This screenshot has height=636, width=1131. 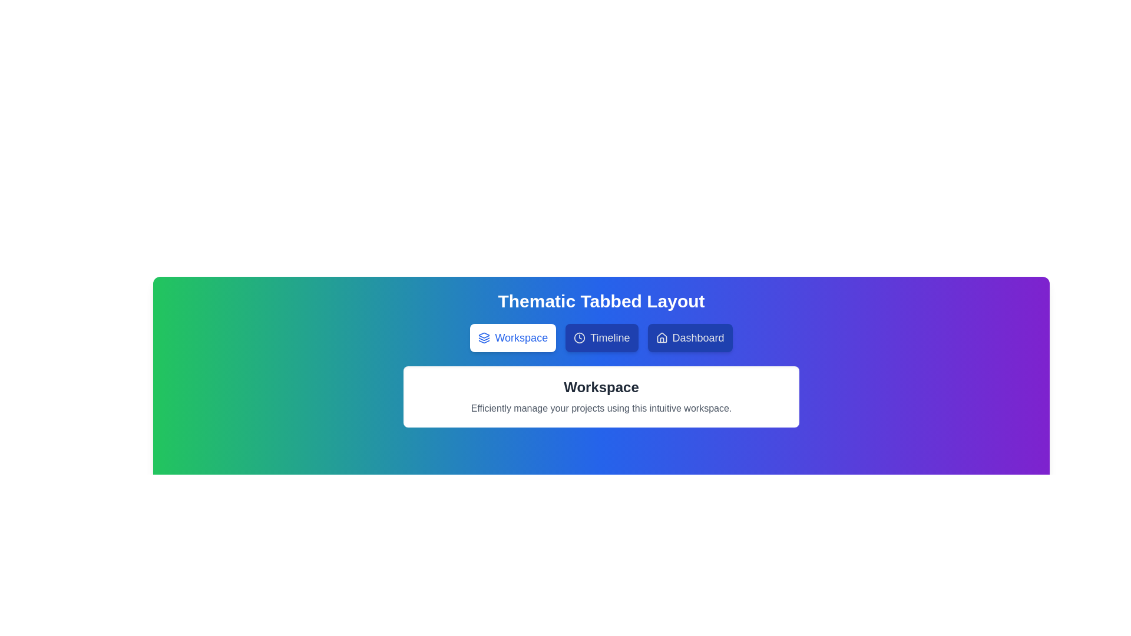 What do you see at coordinates (690, 338) in the screenshot?
I see `the 'Dashboard' button, which is a rectangular button with rounded corners and a dark blue background, featuring white text and a house icon, located in the Thematic Tabbed Layout` at bounding box center [690, 338].